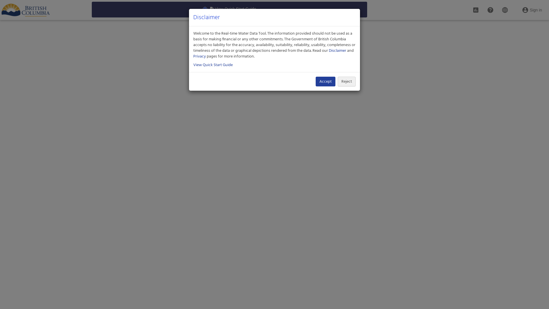 This screenshot has height=309, width=549. What do you see at coordinates (212, 65) in the screenshot?
I see `'View Quick Start Guide'` at bounding box center [212, 65].